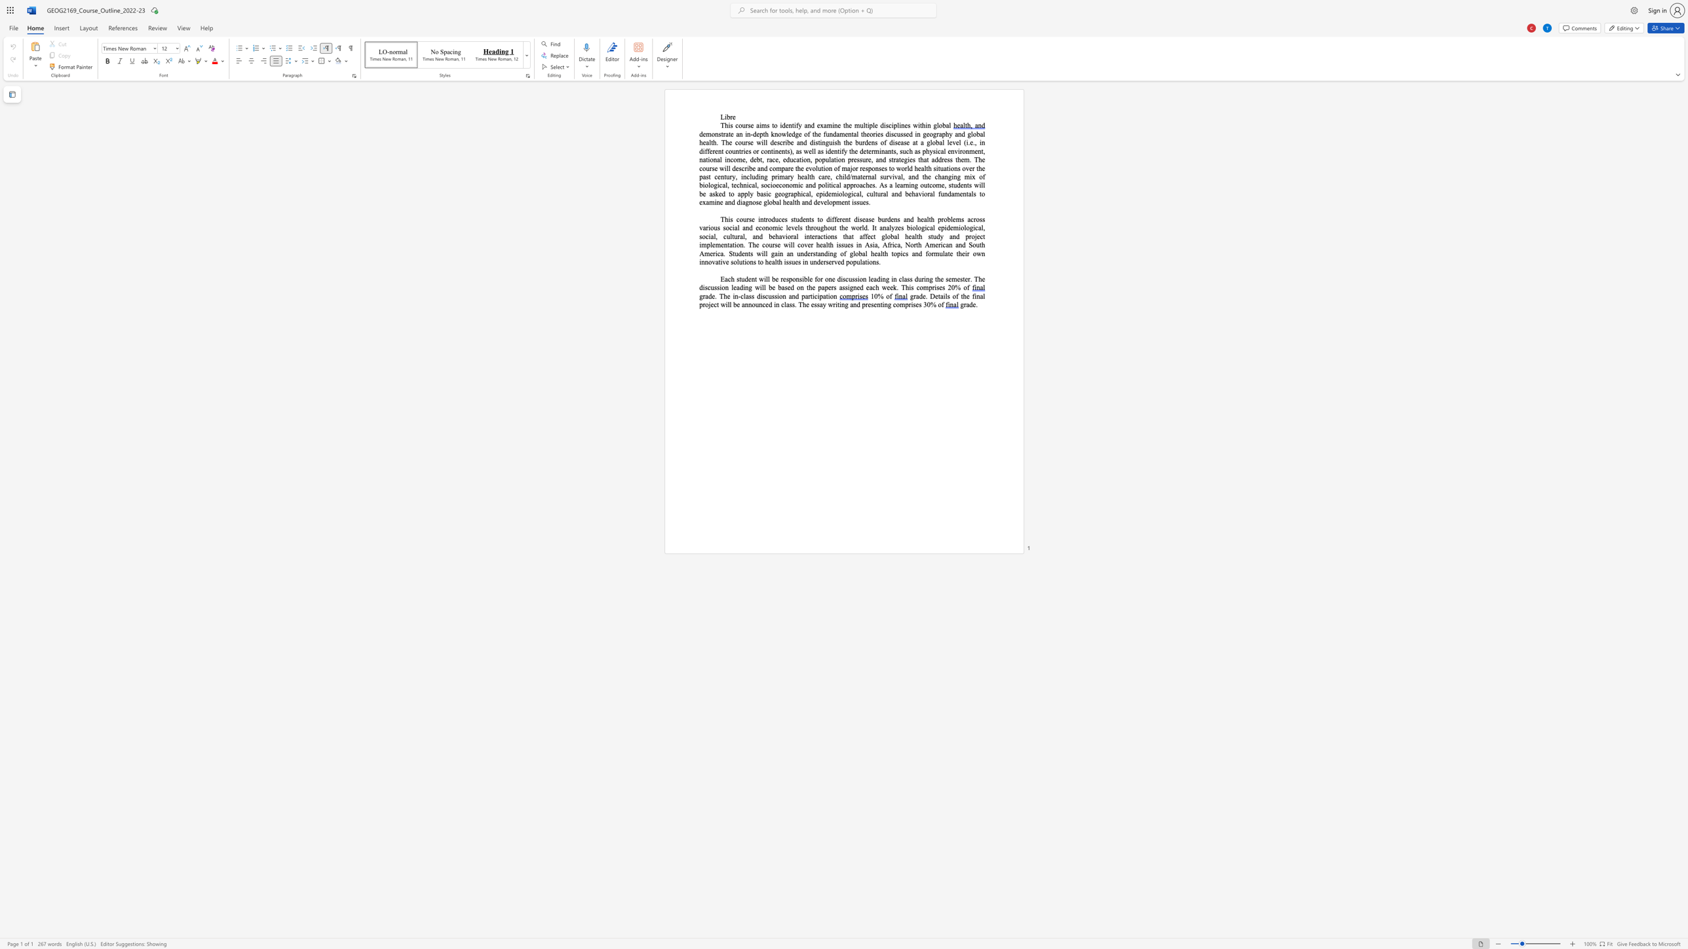 This screenshot has width=1688, height=949. Describe the element at coordinates (726, 125) in the screenshot. I see `the 1th character "h" in the text` at that location.